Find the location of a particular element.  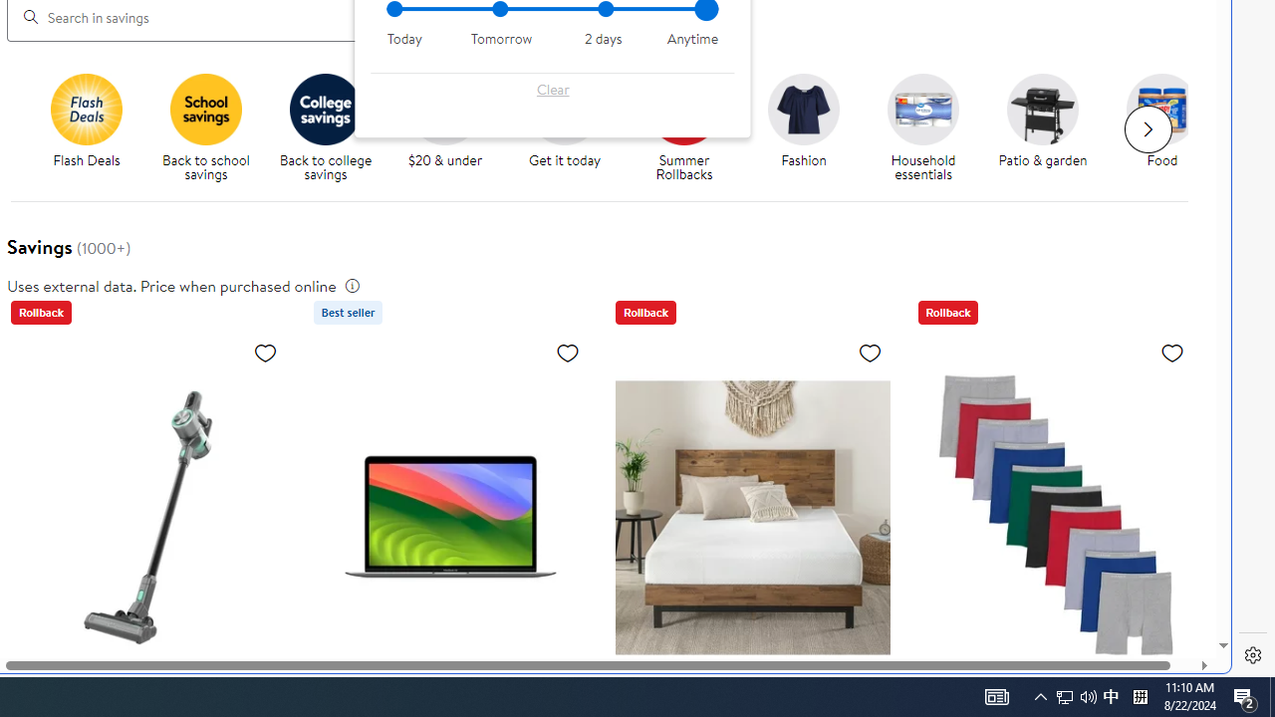

'Flash deals Flash Deals' is located at coordinates (86, 121).